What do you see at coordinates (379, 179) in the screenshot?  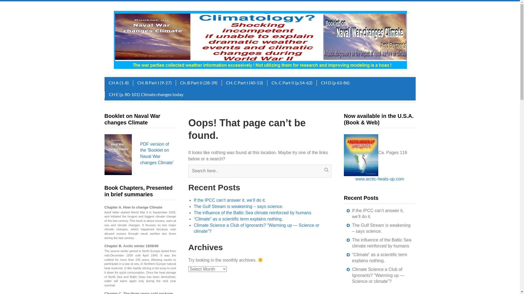 I see `'www.arctic-heats-up.com'` at bounding box center [379, 179].